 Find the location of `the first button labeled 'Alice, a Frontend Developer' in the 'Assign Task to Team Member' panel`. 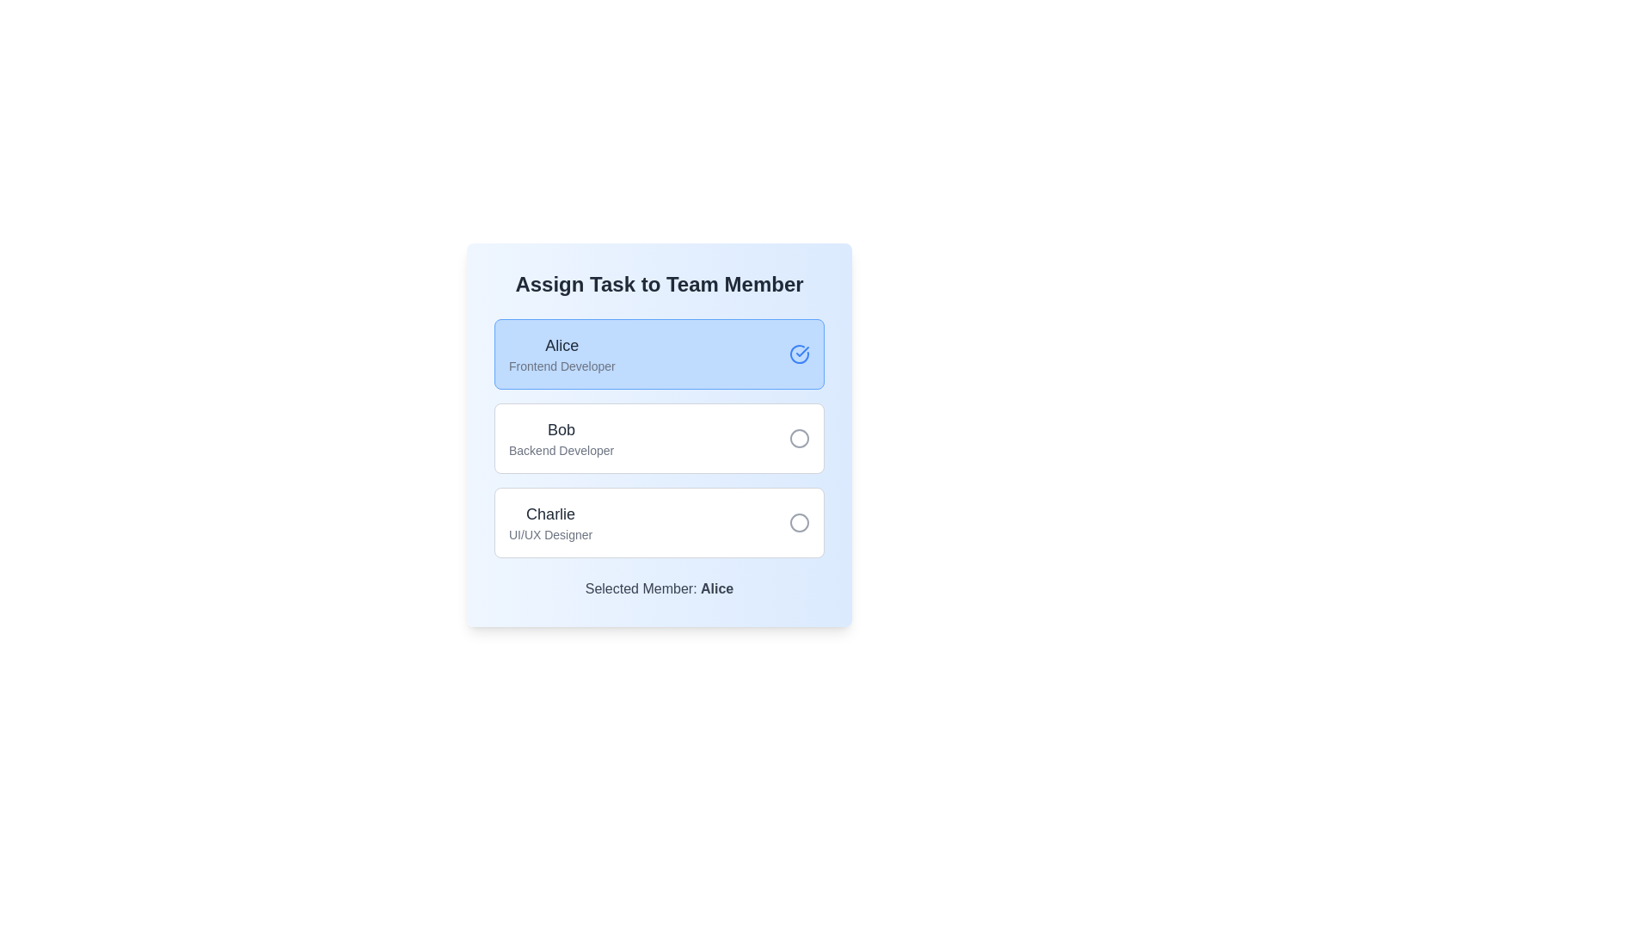

the first button labeled 'Alice, a Frontend Developer' in the 'Assign Task to Team Member' panel is located at coordinates (659, 354).